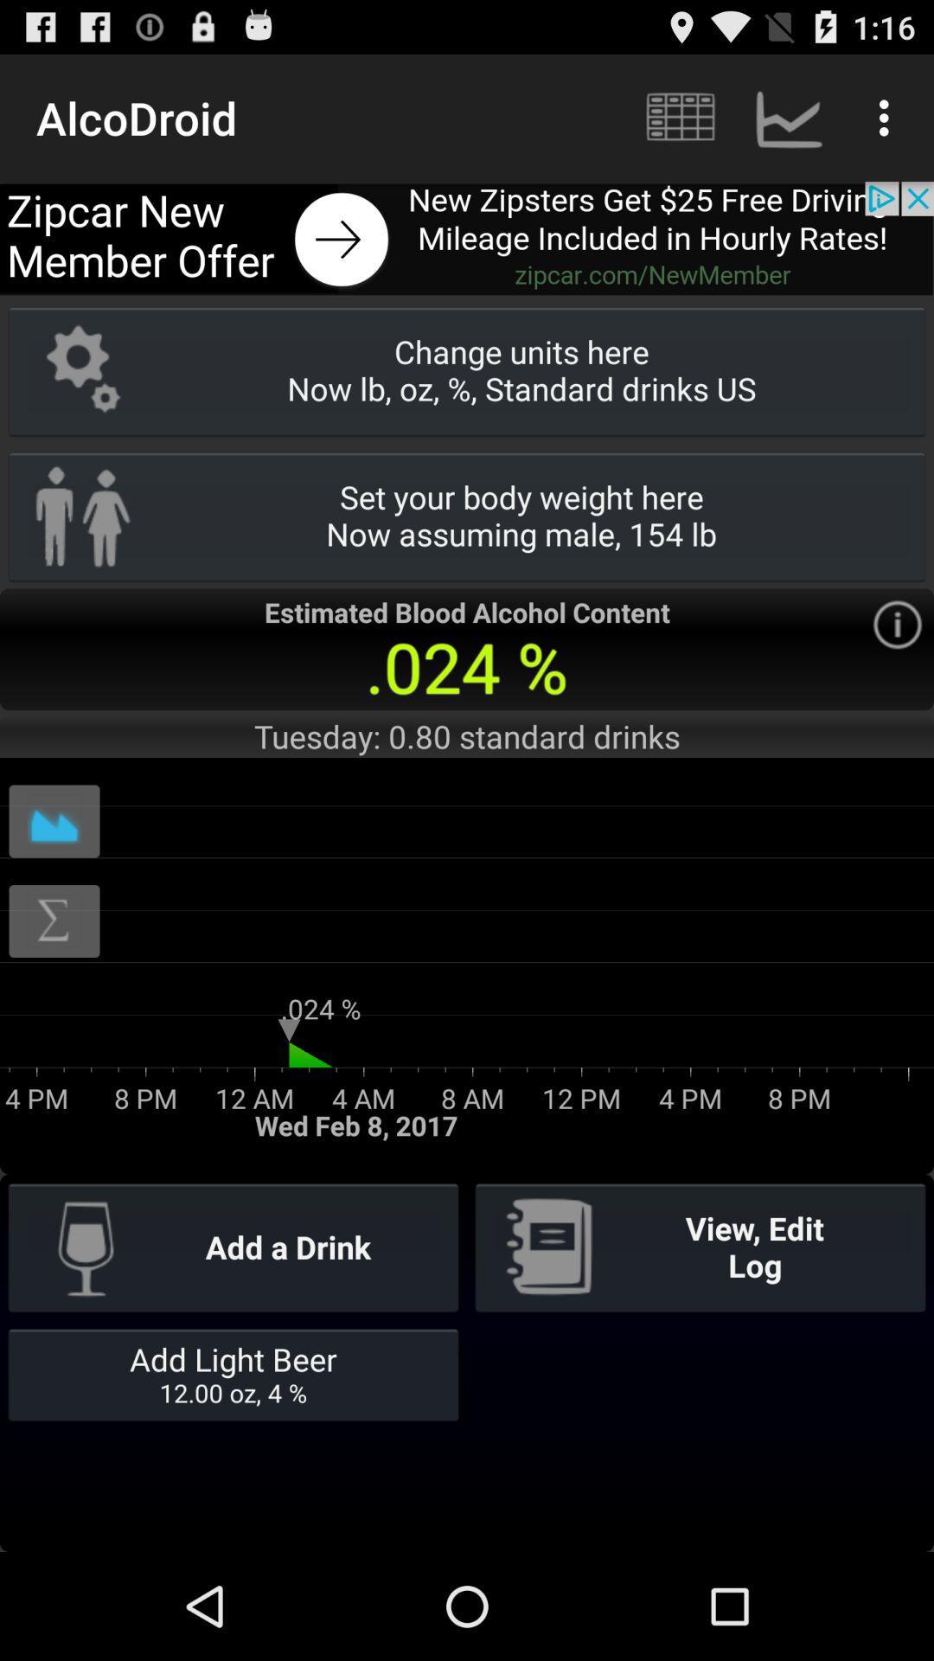  What do you see at coordinates (896, 667) in the screenshot?
I see `the info icon` at bounding box center [896, 667].